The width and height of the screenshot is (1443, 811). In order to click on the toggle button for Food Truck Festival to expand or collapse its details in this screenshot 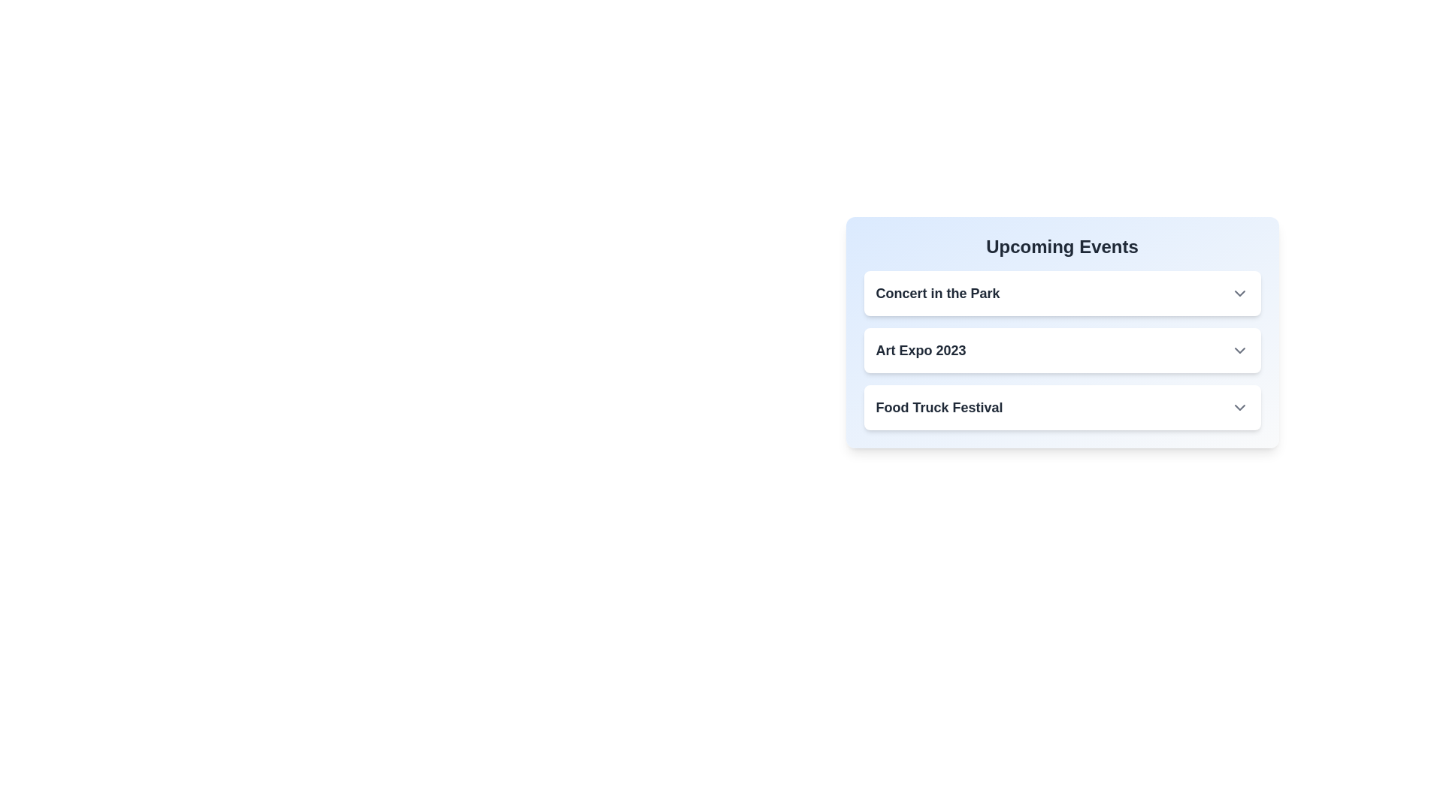, I will do `click(1239, 408)`.